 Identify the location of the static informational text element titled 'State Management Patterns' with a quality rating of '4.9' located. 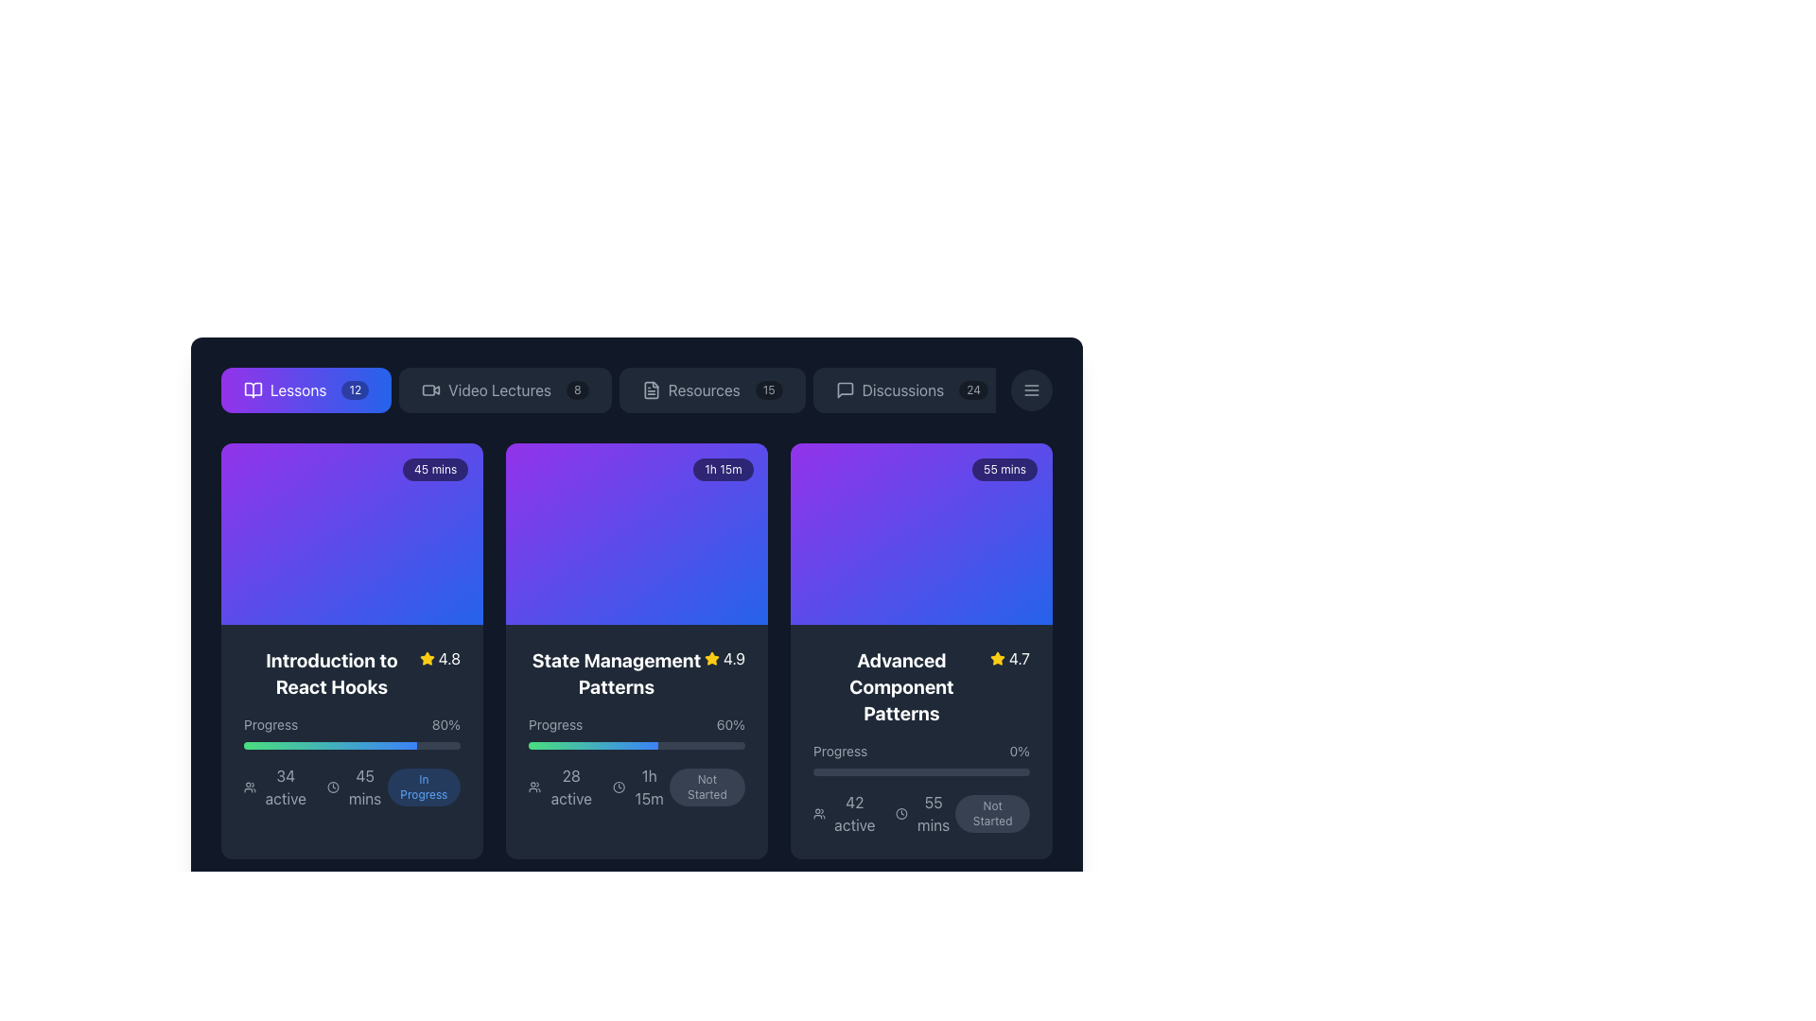
(637, 673).